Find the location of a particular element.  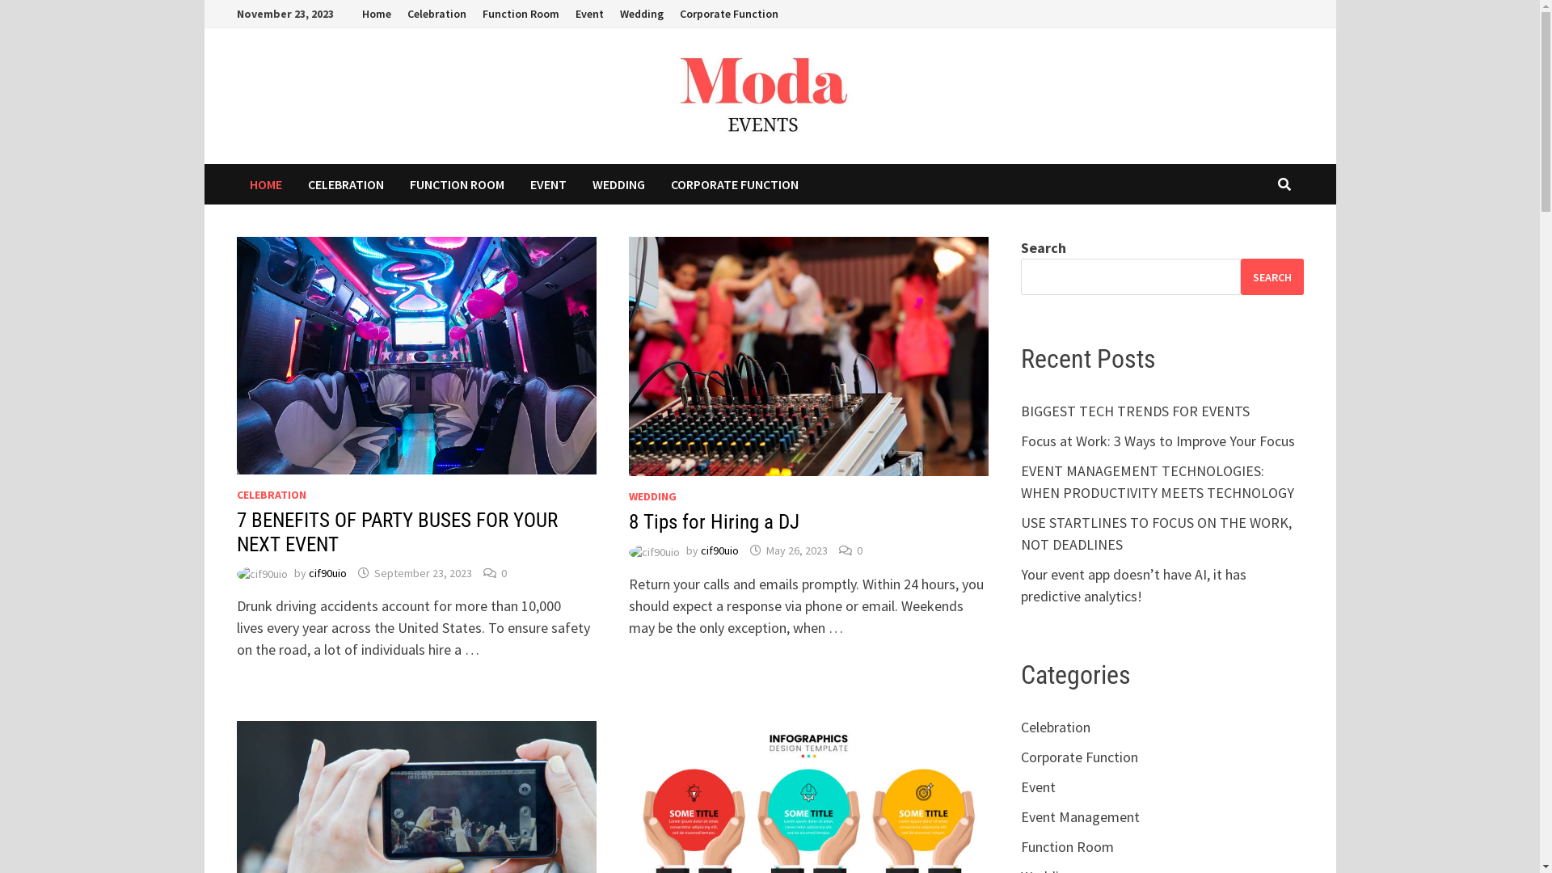

'Celebration' is located at coordinates (436, 14).